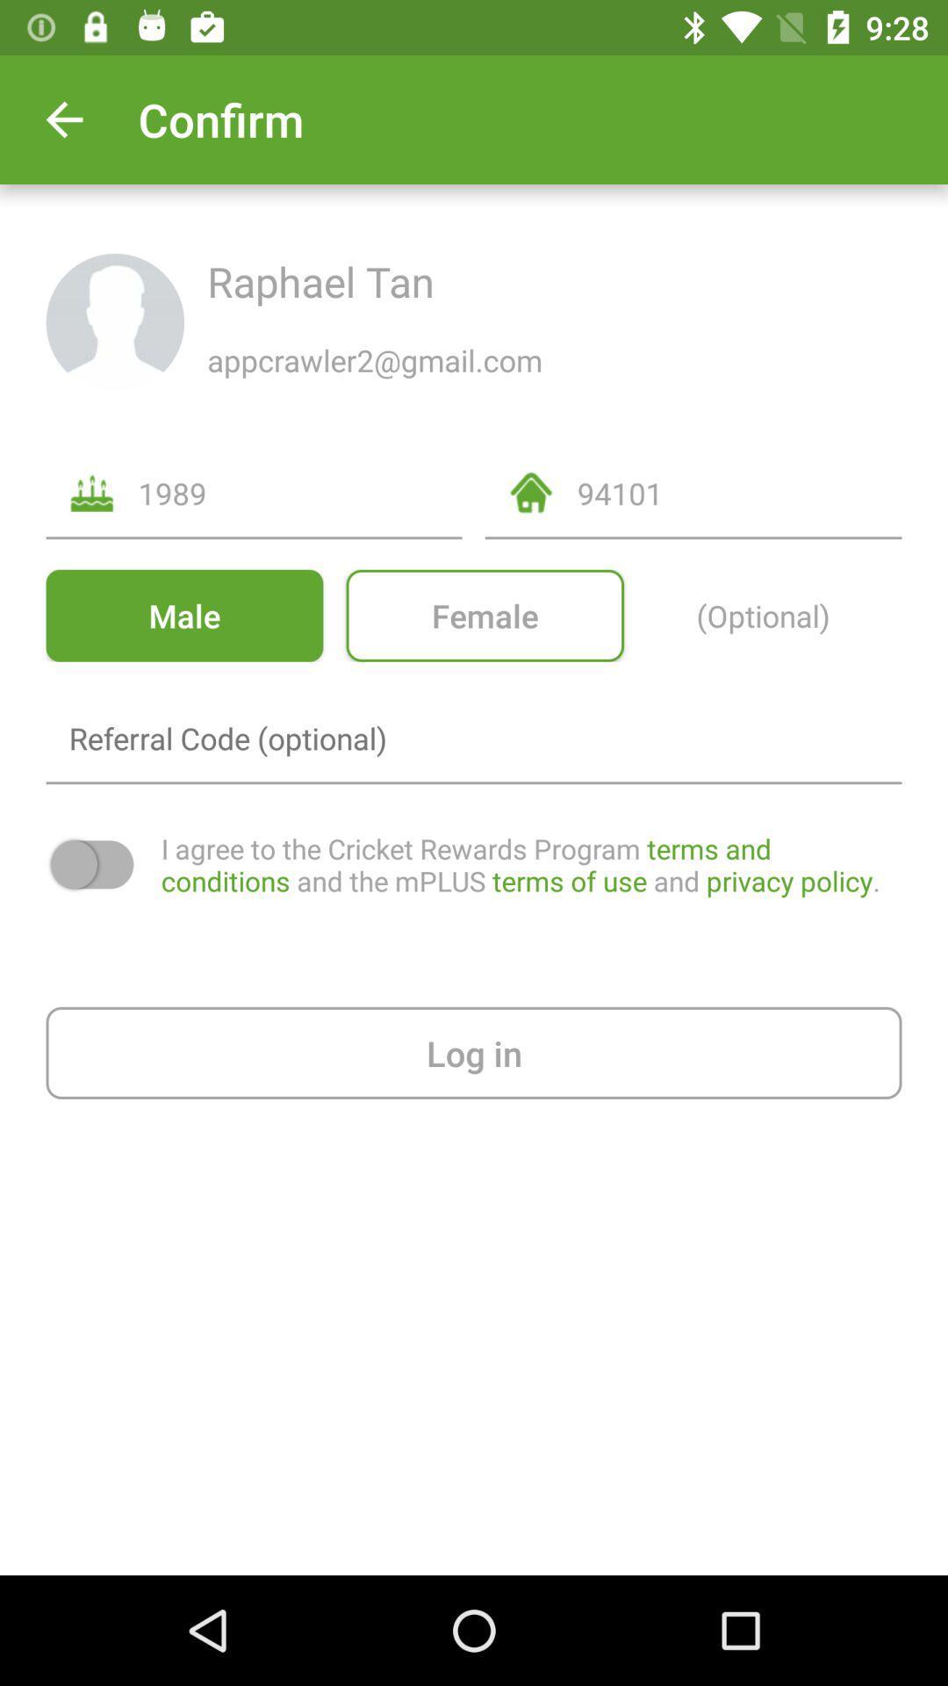 This screenshot has height=1686, width=948. I want to click on the female item, so click(485, 616).